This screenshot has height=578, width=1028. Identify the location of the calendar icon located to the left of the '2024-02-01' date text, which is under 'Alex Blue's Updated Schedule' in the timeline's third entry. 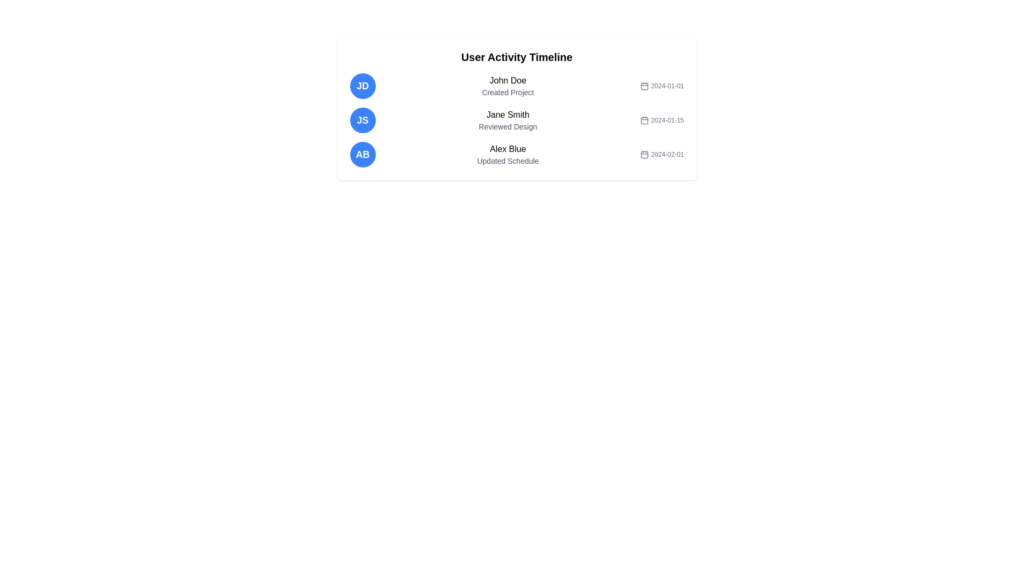
(644, 155).